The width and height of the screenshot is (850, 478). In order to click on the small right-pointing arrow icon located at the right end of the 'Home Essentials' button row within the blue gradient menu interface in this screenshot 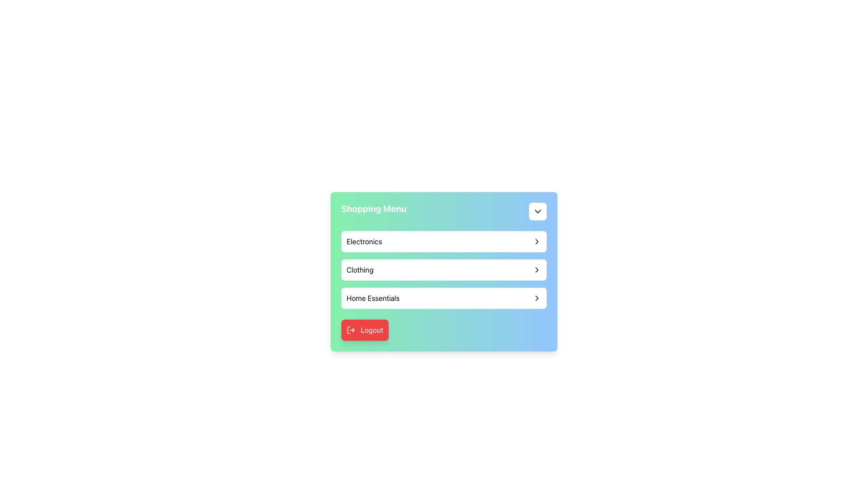, I will do `click(537, 298)`.